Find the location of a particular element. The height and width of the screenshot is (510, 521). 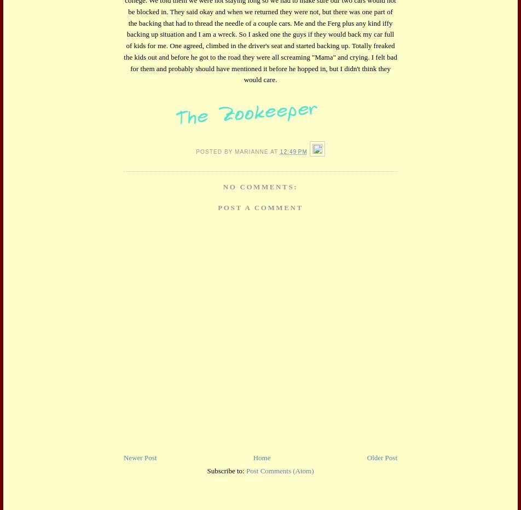

'Older Post' is located at coordinates (382, 457).